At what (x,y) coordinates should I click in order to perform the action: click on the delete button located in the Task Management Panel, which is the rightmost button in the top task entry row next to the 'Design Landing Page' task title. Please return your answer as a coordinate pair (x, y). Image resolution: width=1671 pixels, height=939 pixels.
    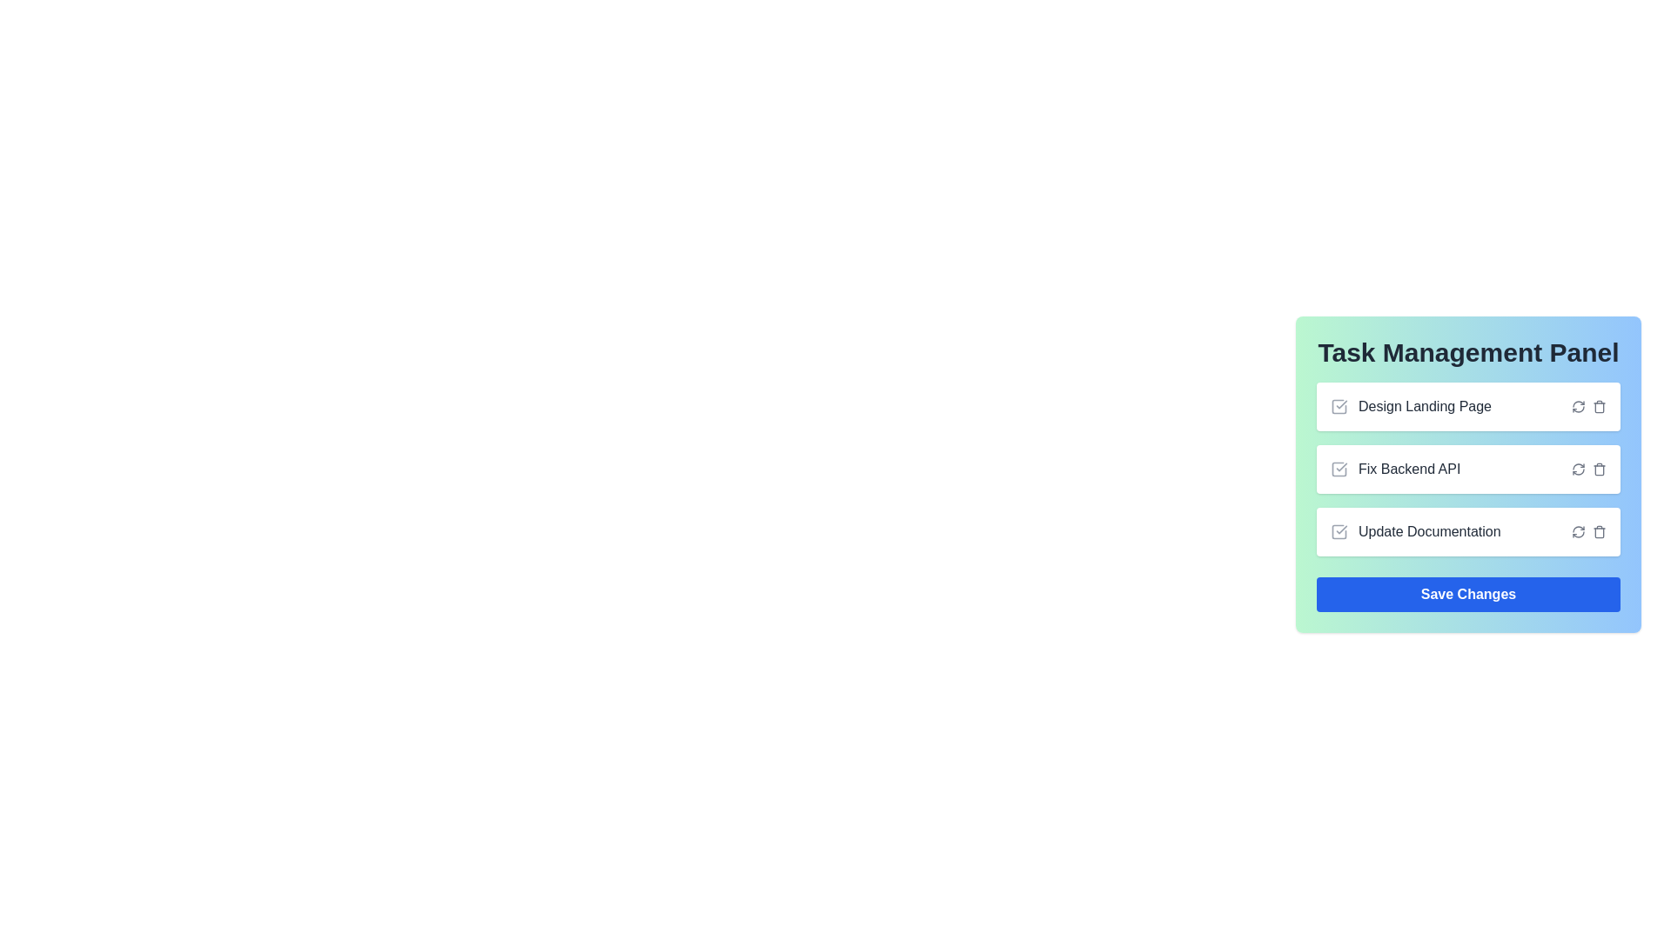
    Looking at the image, I should click on (1600, 406).